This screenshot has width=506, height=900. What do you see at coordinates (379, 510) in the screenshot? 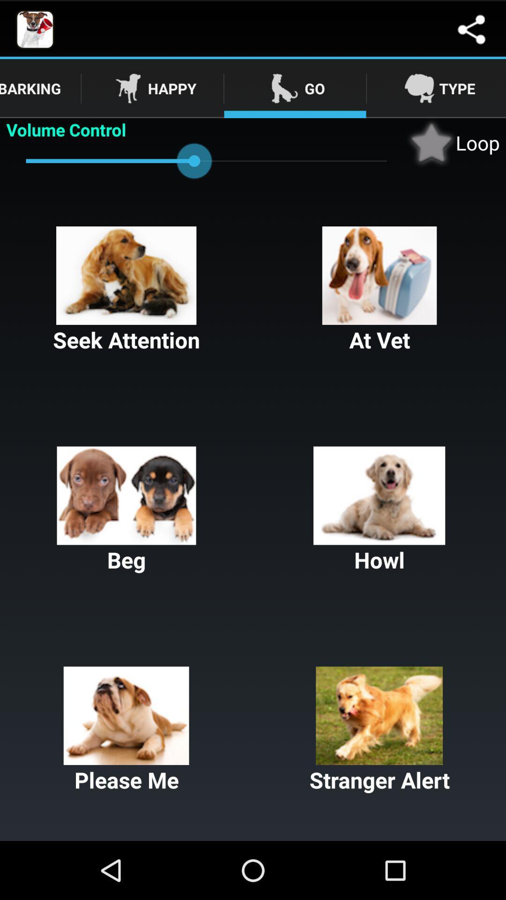
I see `button on the right` at bounding box center [379, 510].